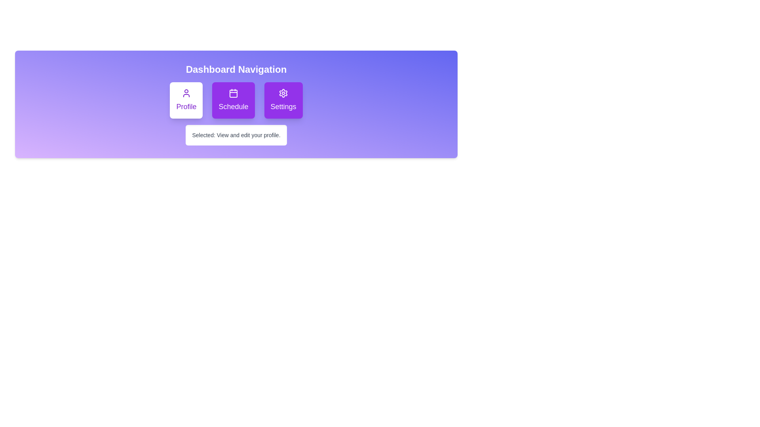 The height and width of the screenshot is (427, 760). What do you see at coordinates (233, 93) in the screenshot?
I see `the central square of the calendar icon, which is part of the 'Schedule' button in the interface's button row` at bounding box center [233, 93].